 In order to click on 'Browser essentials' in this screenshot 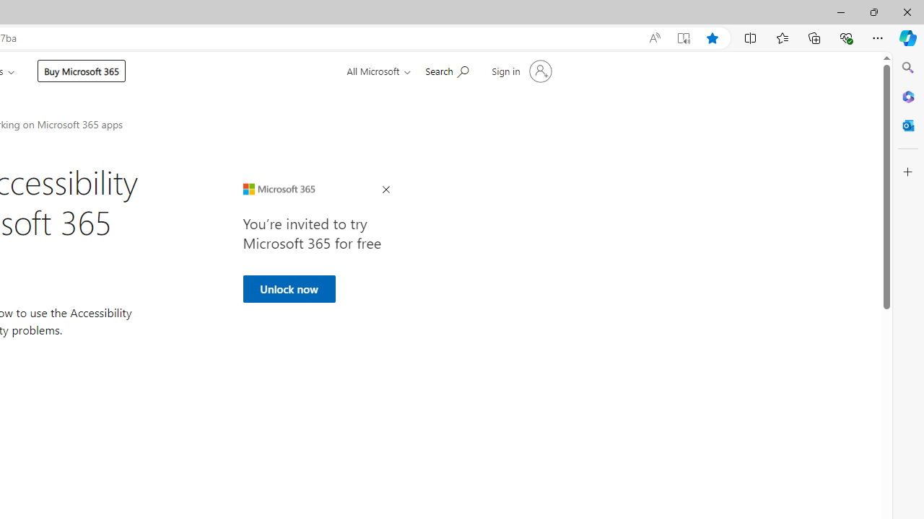, I will do `click(845, 37)`.